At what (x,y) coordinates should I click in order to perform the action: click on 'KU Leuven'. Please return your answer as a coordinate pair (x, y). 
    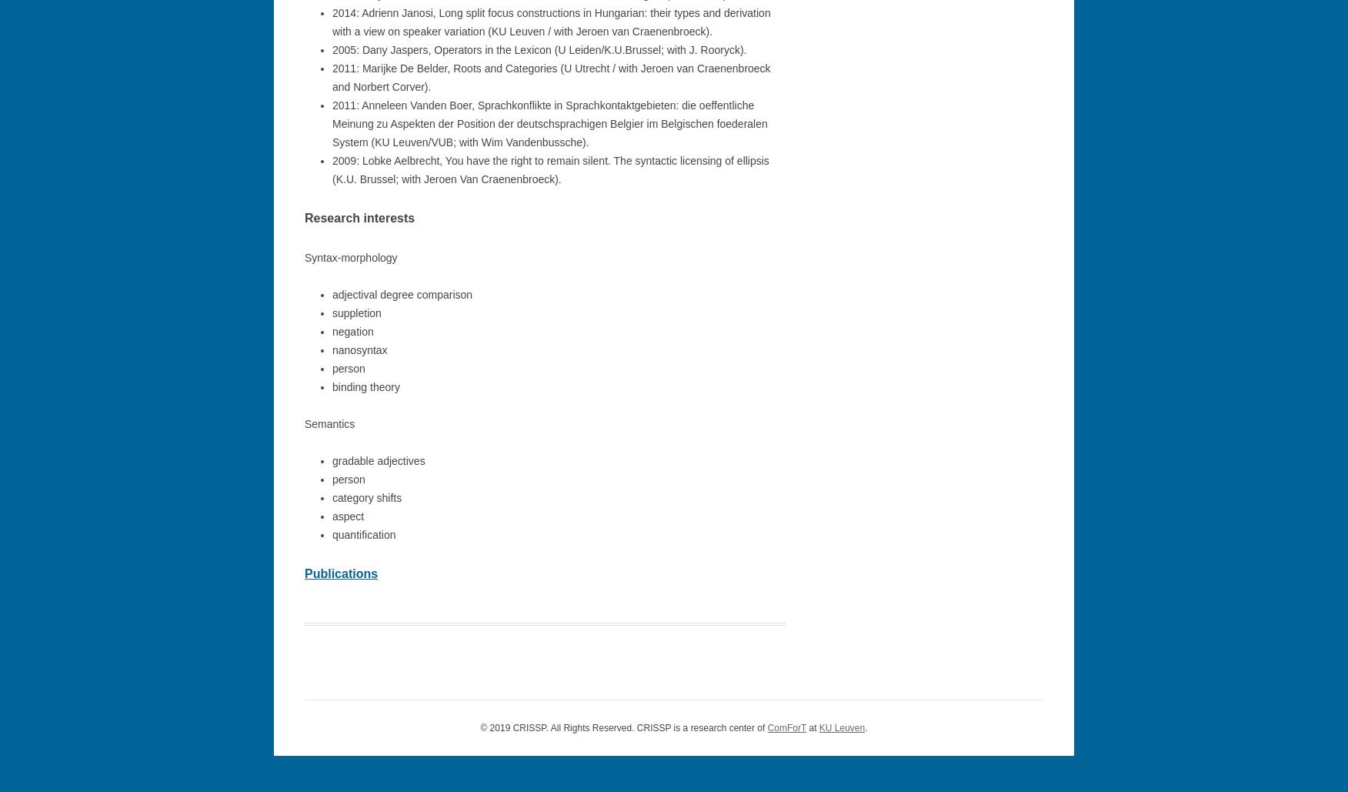
    Looking at the image, I should click on (841, 727).